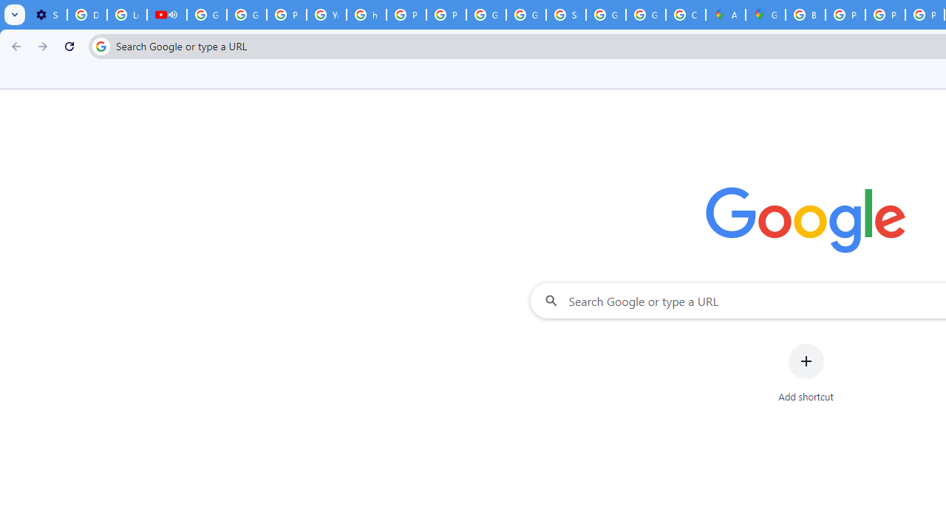 Image resolution: width=946 pixels, height=532 pixels. Describe the element at coordinates (173, 15) in the screenshot. I see `'Mute tab'` at that location.